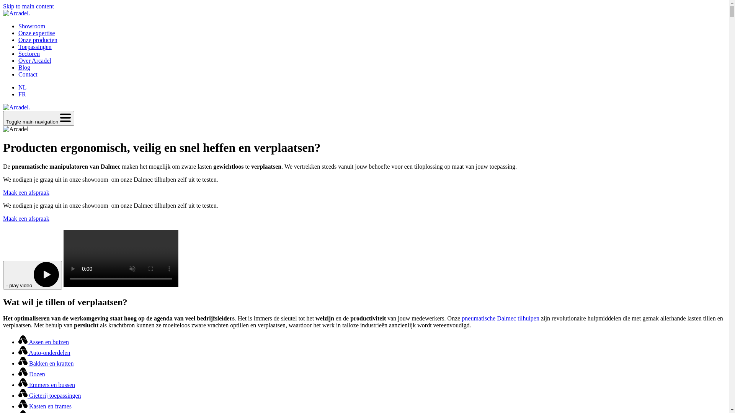 Image resolution: width=735 pixels, height=413 pixels. Describe the element at coordinates (28, 74) in the screenshot. I see `'Contact'` at that location.